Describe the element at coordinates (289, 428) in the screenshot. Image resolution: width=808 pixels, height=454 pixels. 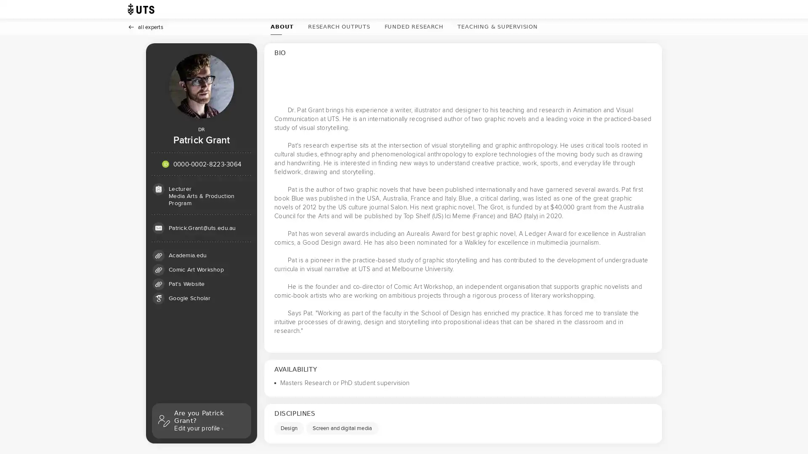
I see `Design Click to search for profiles with this tag.` at that location.